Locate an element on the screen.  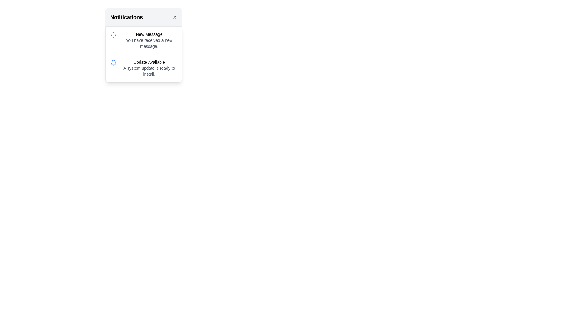
informational text message stating 'A system update is ready to install.' located below the title 'Update Available' in the notification card is located at coordinates (149, 71).